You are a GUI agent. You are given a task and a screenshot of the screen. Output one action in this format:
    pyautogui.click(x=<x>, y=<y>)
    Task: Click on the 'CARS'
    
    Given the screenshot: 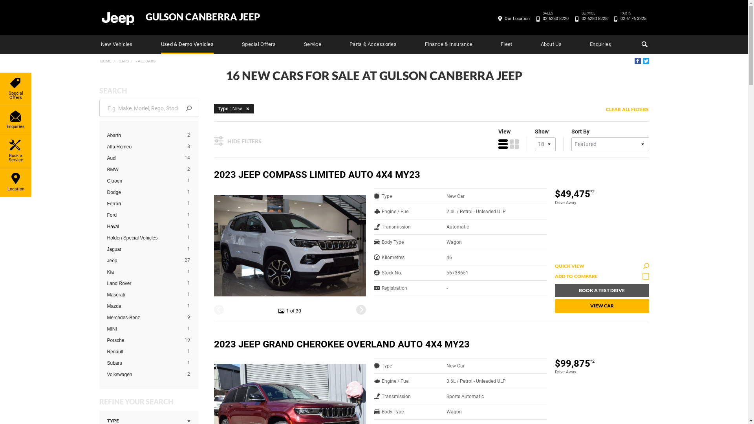 What is the action you would take?
    pyautogui.click(x=123, y=60)
    